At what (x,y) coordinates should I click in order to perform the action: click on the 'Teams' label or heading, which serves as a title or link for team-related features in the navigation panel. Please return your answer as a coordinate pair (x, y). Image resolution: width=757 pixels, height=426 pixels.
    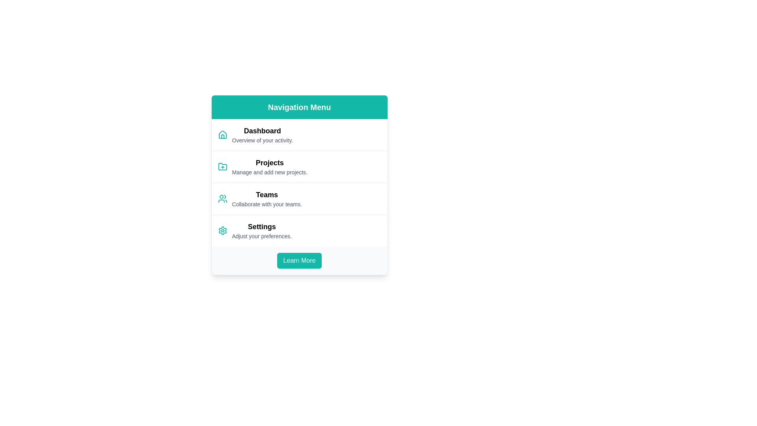
    Looking at the image, I should click on (267, 194).